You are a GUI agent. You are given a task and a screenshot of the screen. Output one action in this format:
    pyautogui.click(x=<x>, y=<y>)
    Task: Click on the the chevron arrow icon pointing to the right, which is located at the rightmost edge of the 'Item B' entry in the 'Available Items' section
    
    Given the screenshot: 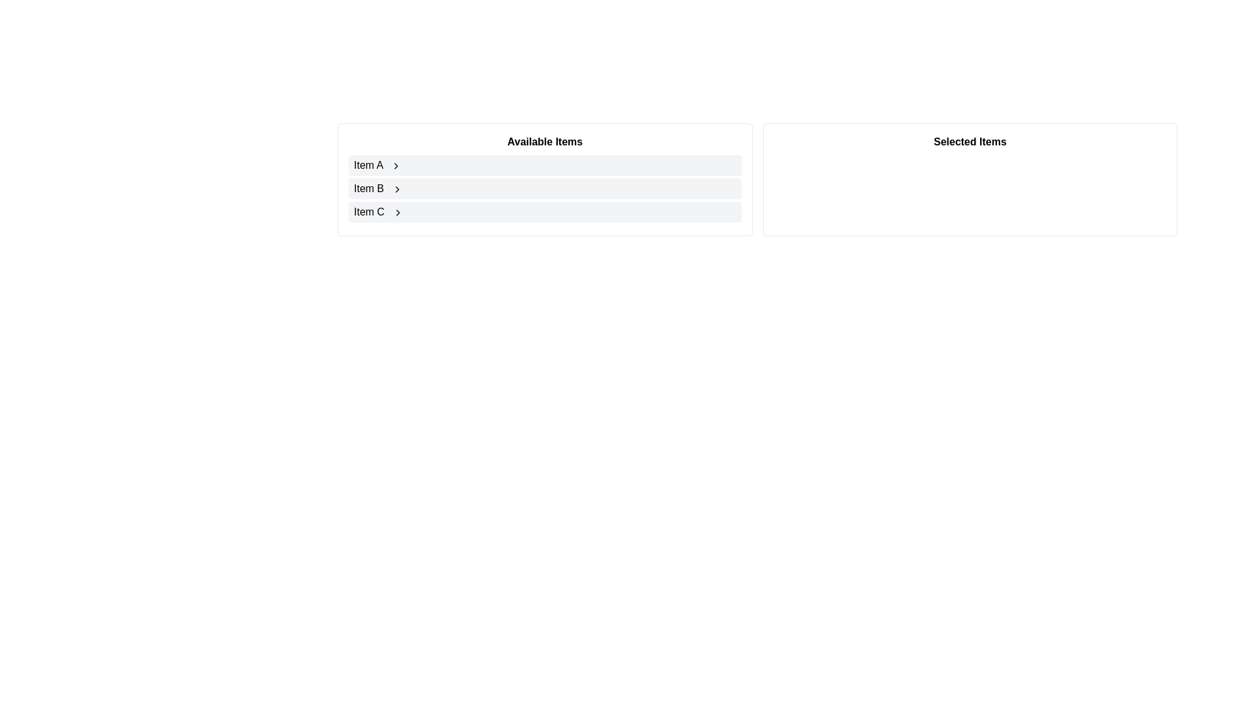 What is the action you would take?
    pyautogui.click(x=396, y=189)
    